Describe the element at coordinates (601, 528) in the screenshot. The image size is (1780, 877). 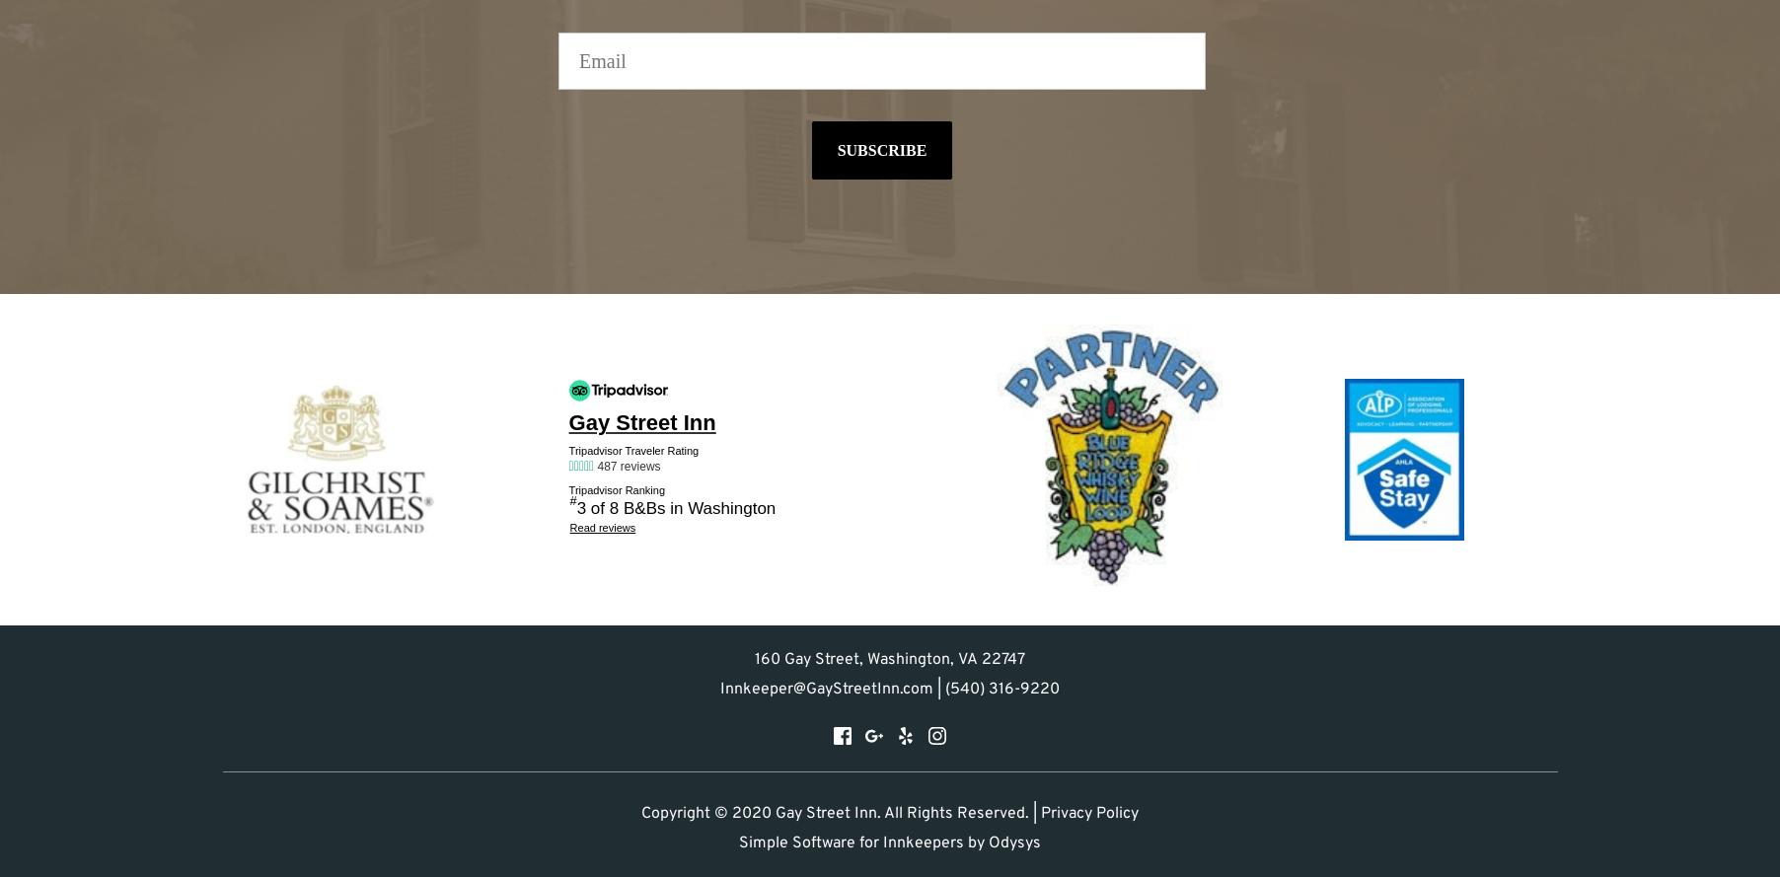
I see `'Read reviews'` at that location.